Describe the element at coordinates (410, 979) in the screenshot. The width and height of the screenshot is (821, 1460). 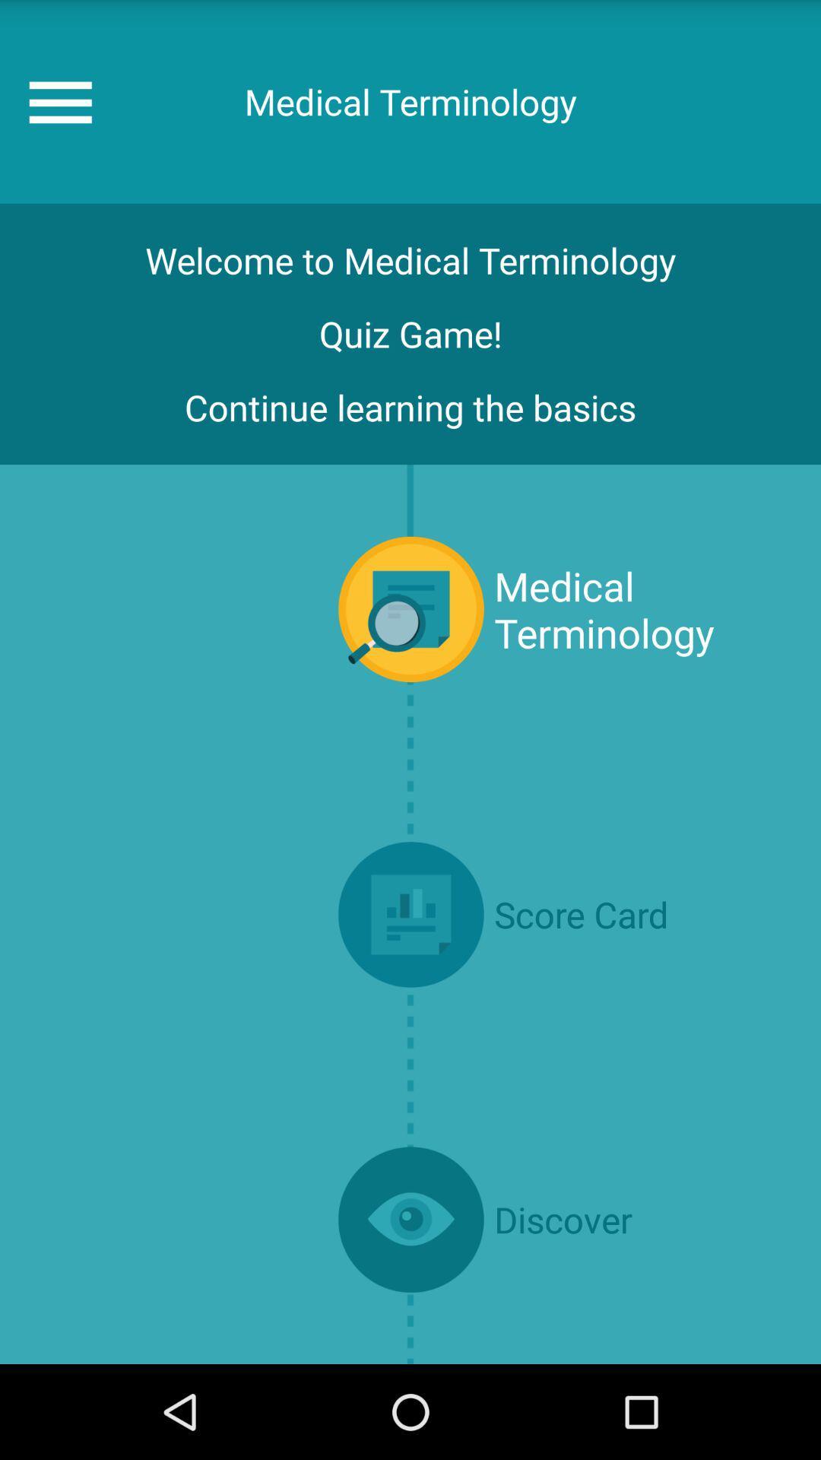
I see `the book icon` at that location.